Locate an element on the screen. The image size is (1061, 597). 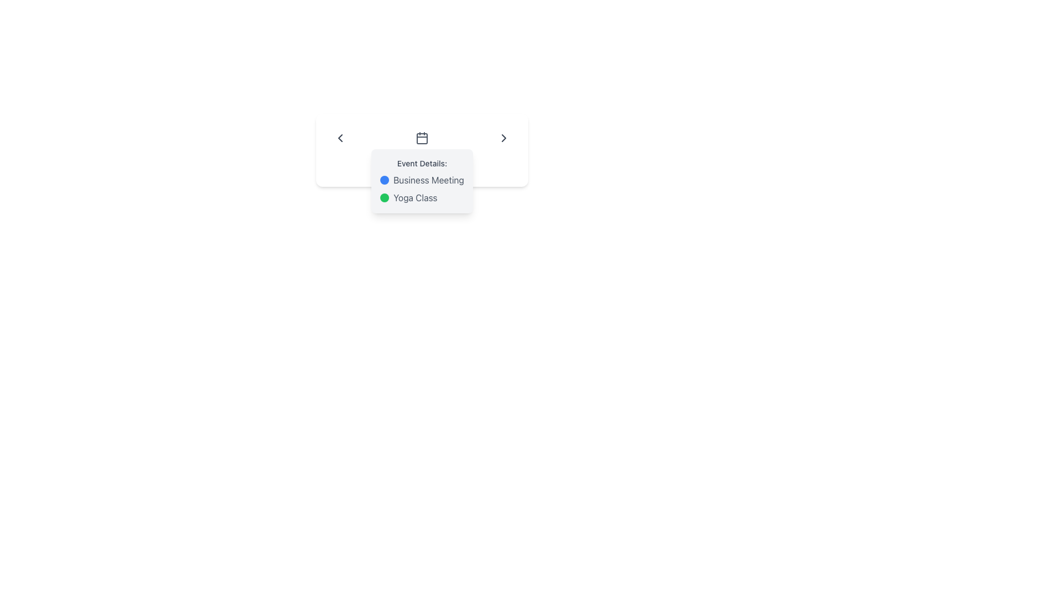
the 'Yoga Class' label with a green circular icon to its left, which is the second item in a list of events is located at coordinates (421, 197).